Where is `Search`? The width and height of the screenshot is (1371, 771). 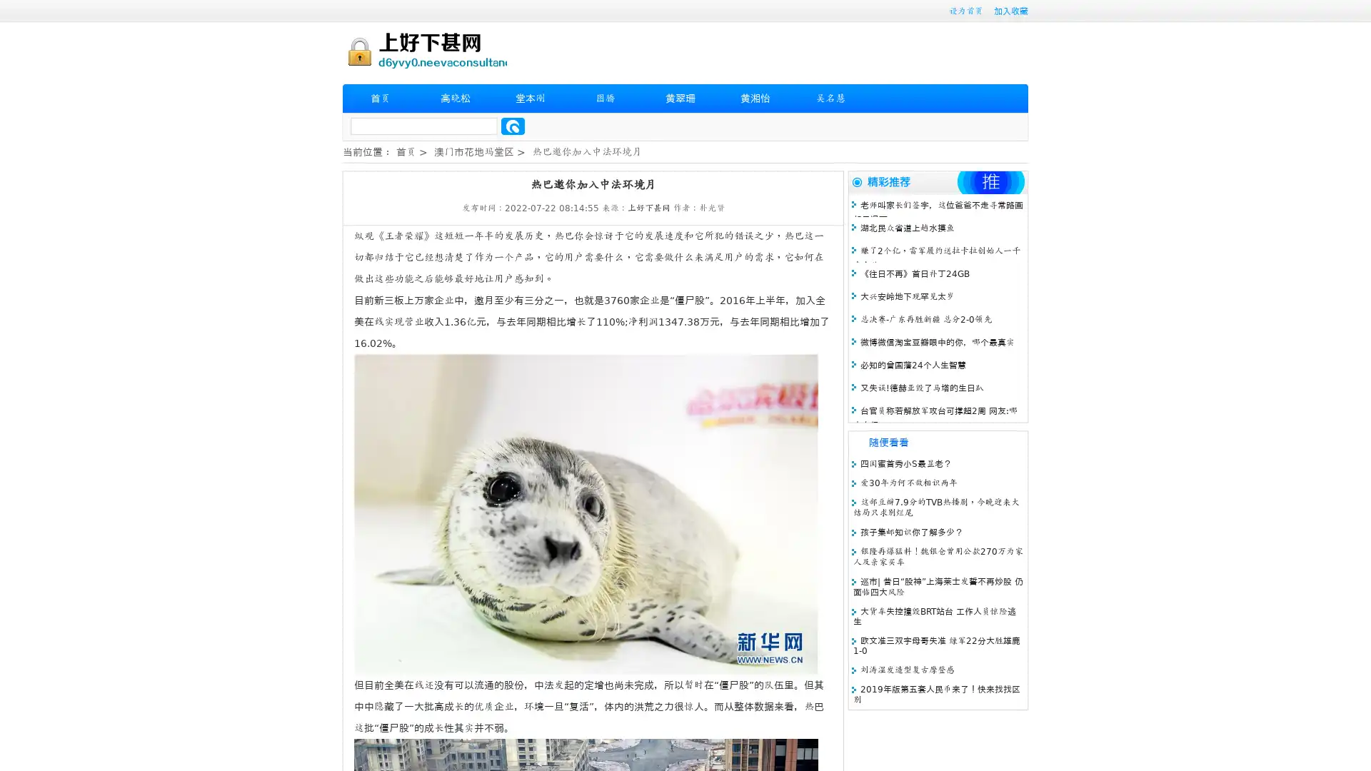
Search is located at coordinates (513, 126).